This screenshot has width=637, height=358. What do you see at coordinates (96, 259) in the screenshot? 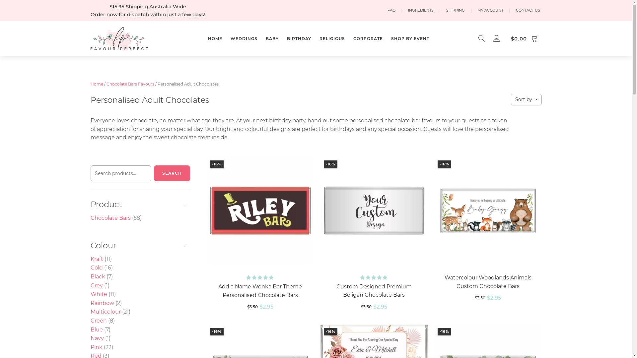
I see `'Kraft'` at bounding box center [96, 259].